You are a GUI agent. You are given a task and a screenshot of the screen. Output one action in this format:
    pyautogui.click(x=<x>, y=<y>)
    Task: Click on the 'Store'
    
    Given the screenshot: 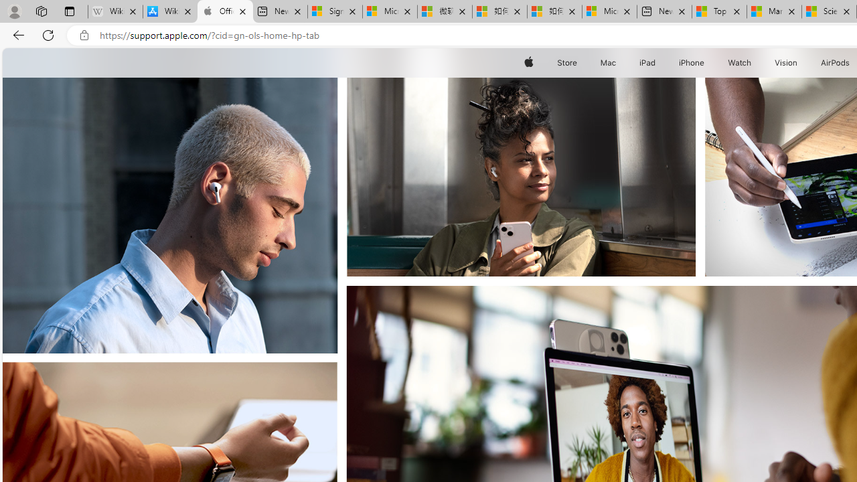 What is the action you would take?
    pyautogui.click(x=566, y=62)
    